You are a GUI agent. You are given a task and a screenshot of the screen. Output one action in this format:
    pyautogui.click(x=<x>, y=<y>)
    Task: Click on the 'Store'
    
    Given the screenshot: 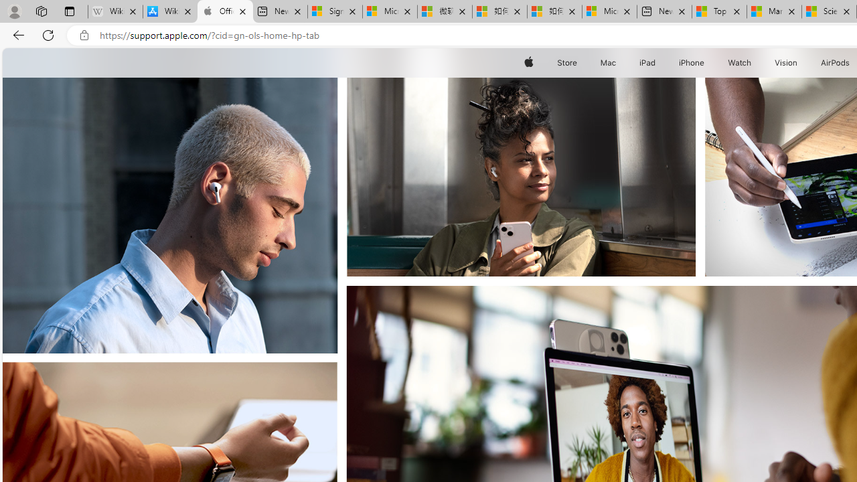 What is the action you would take?
    pyautogui.click(x=566, y=62)
    